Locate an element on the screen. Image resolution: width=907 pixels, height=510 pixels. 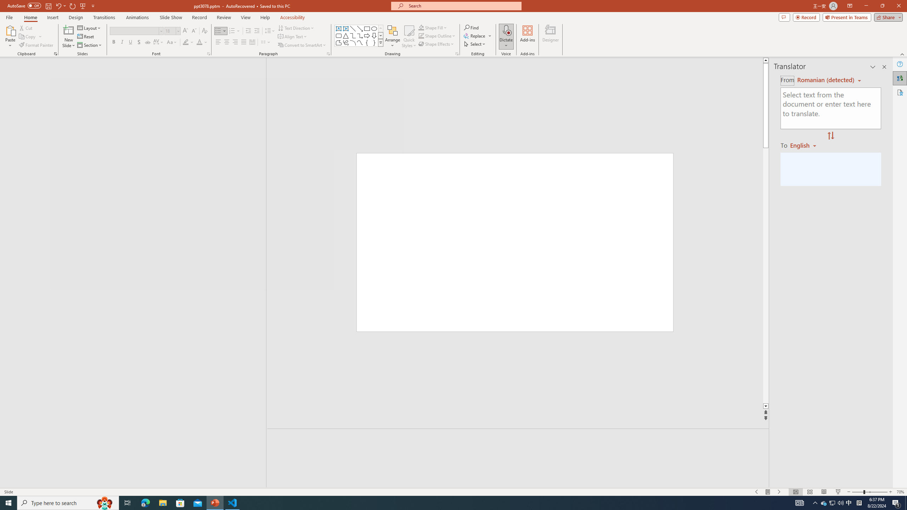
'Text Box' is located at coordinates (338, 28).